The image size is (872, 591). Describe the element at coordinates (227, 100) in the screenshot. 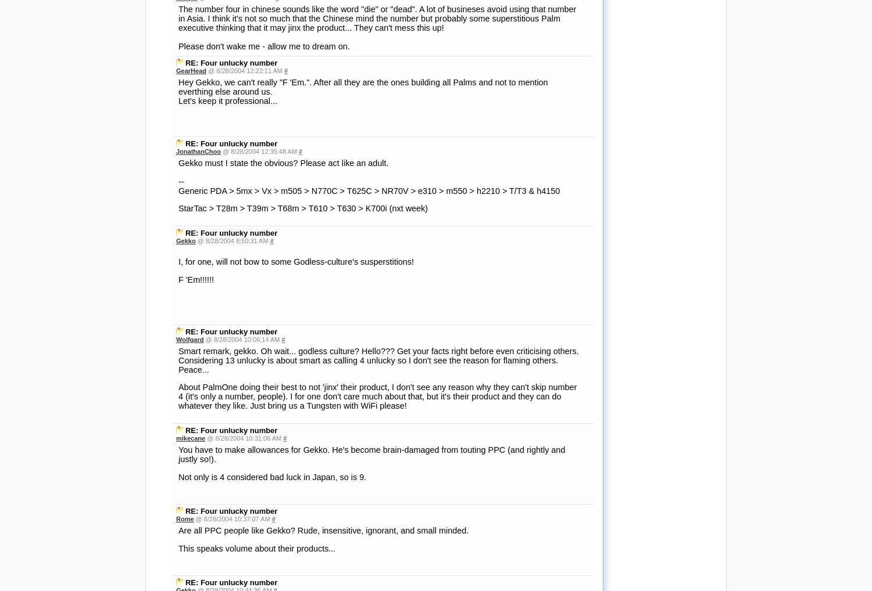

I see `'Let's keep it professional...'` at that location.